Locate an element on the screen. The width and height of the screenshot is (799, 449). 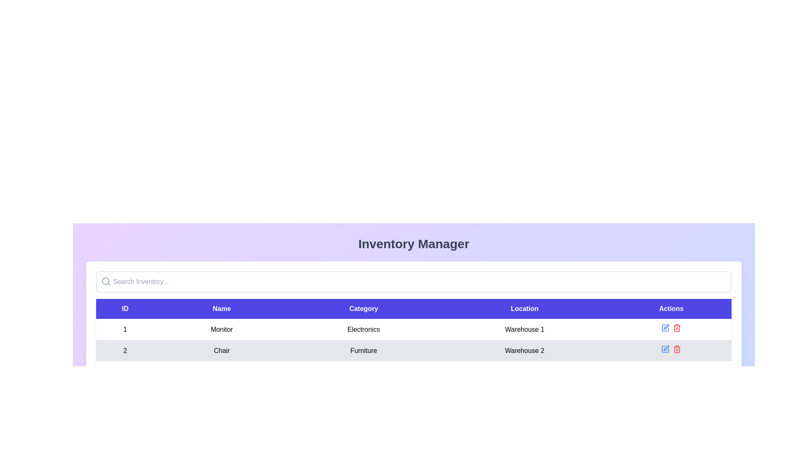
the edit action icon in the Actions column of the table, specifically associated with the inventory item 'Chair' in the second row is located at coordinates (665, 328).